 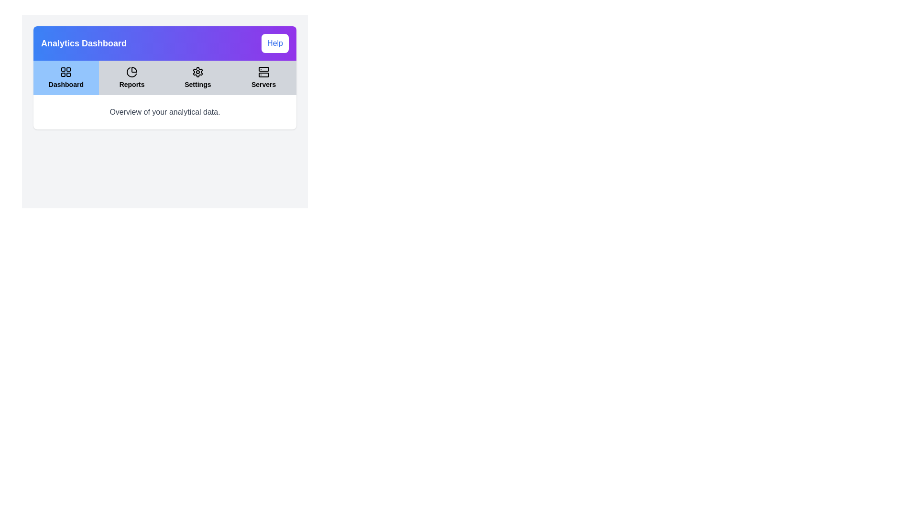 I want to click on the 'Reports' icon represented by a pie chart in the upper navigation bar, which is the second icon from the left, so click(x=131, y=71).